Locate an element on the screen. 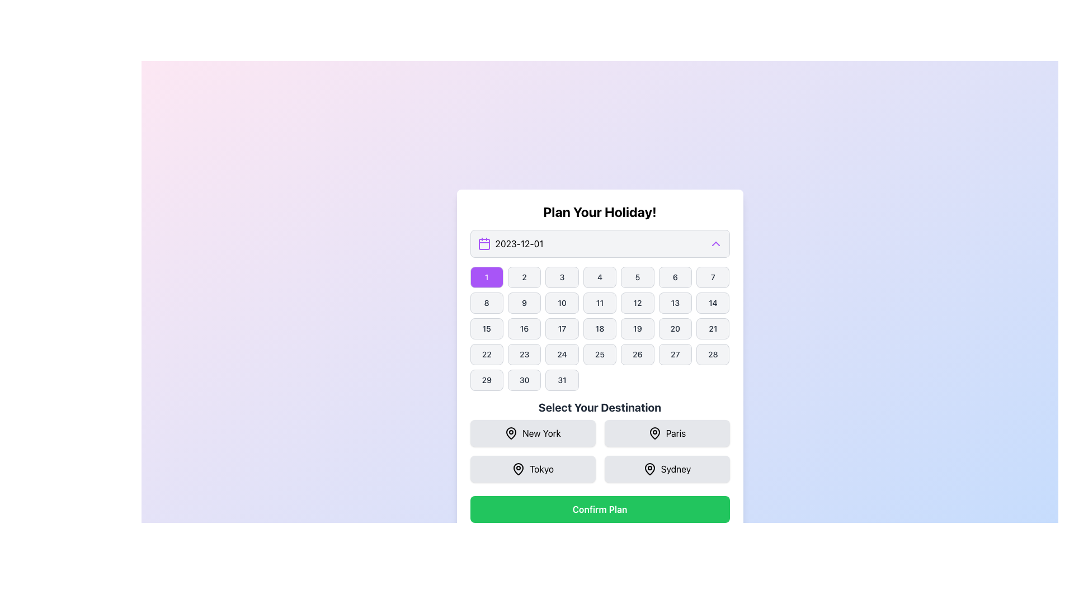 The image size is (1074, 604). the button in the 'Select Your Destination' section is located at coordinates (667, 433).